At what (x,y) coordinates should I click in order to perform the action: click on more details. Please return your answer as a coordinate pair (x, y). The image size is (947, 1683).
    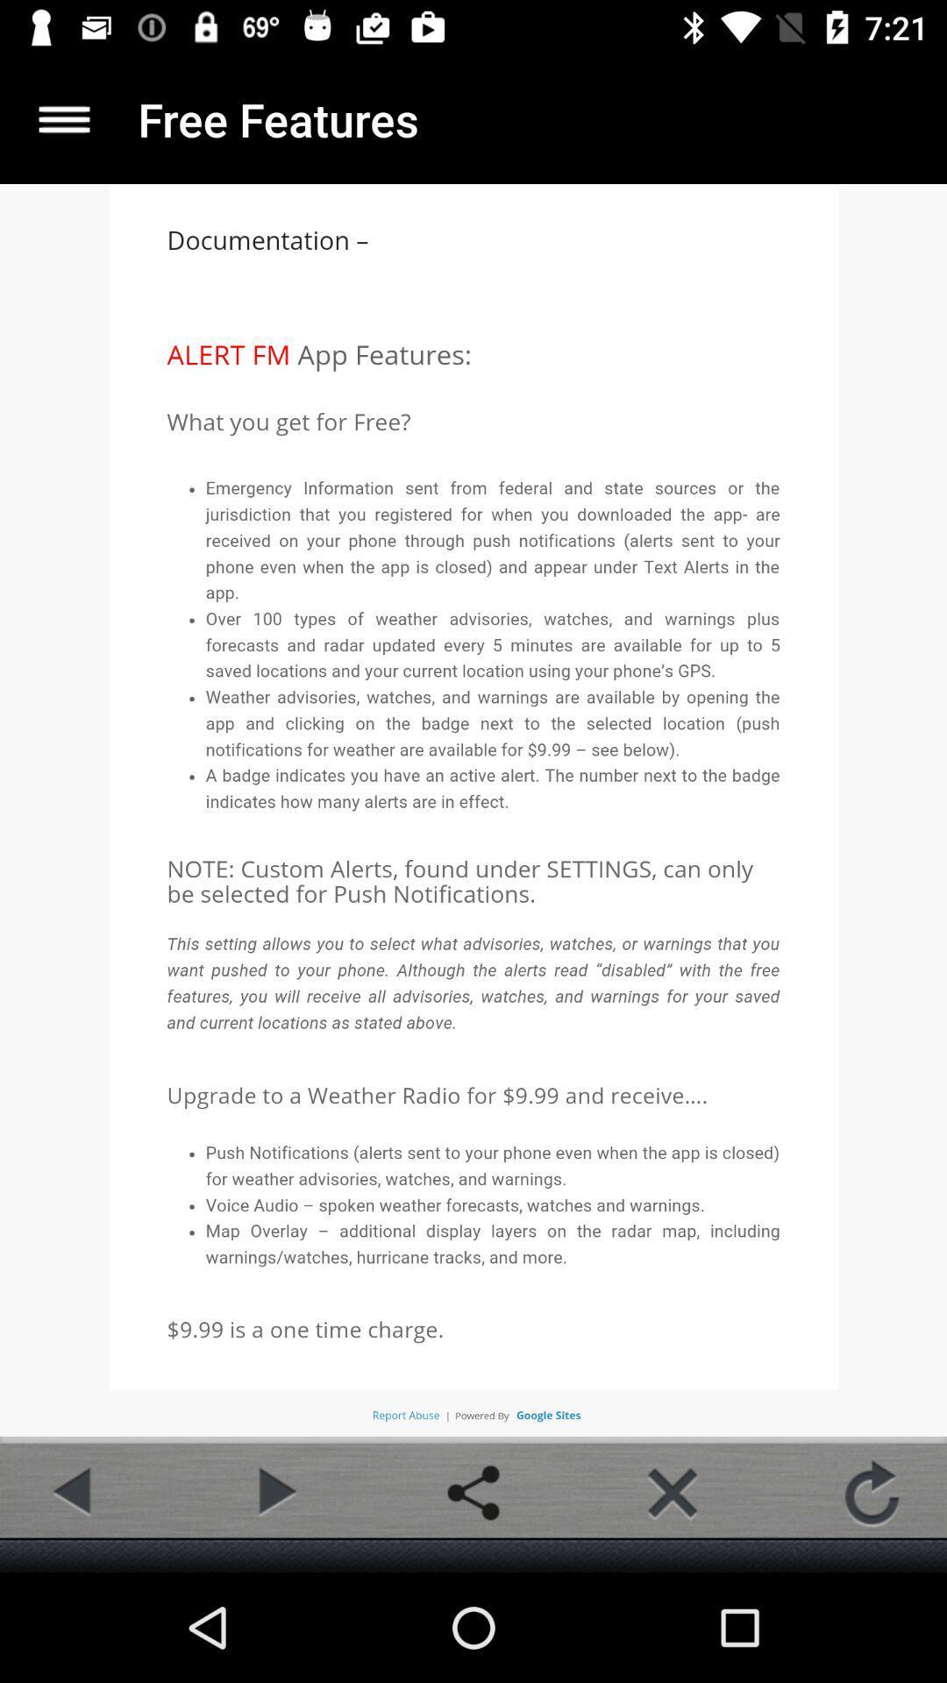
    Looking at the image, I should click on (63, 118).